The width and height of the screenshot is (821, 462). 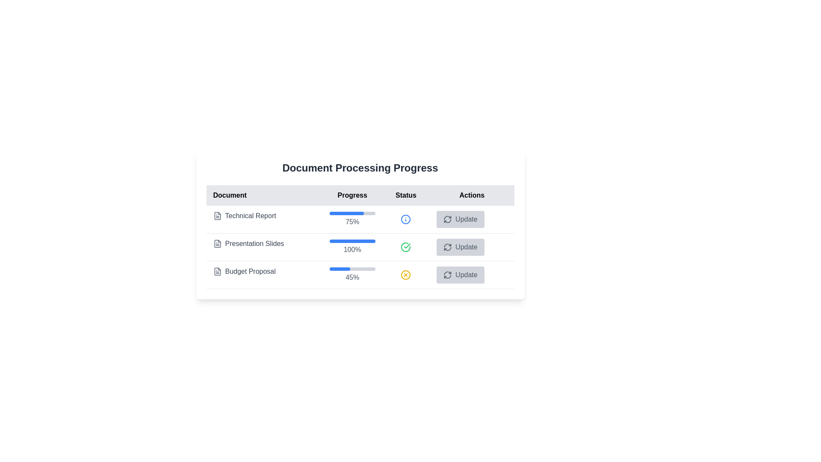 I want to click on the document icon next to the 'Budget Proposal' text label, so click(x=264, y=272).